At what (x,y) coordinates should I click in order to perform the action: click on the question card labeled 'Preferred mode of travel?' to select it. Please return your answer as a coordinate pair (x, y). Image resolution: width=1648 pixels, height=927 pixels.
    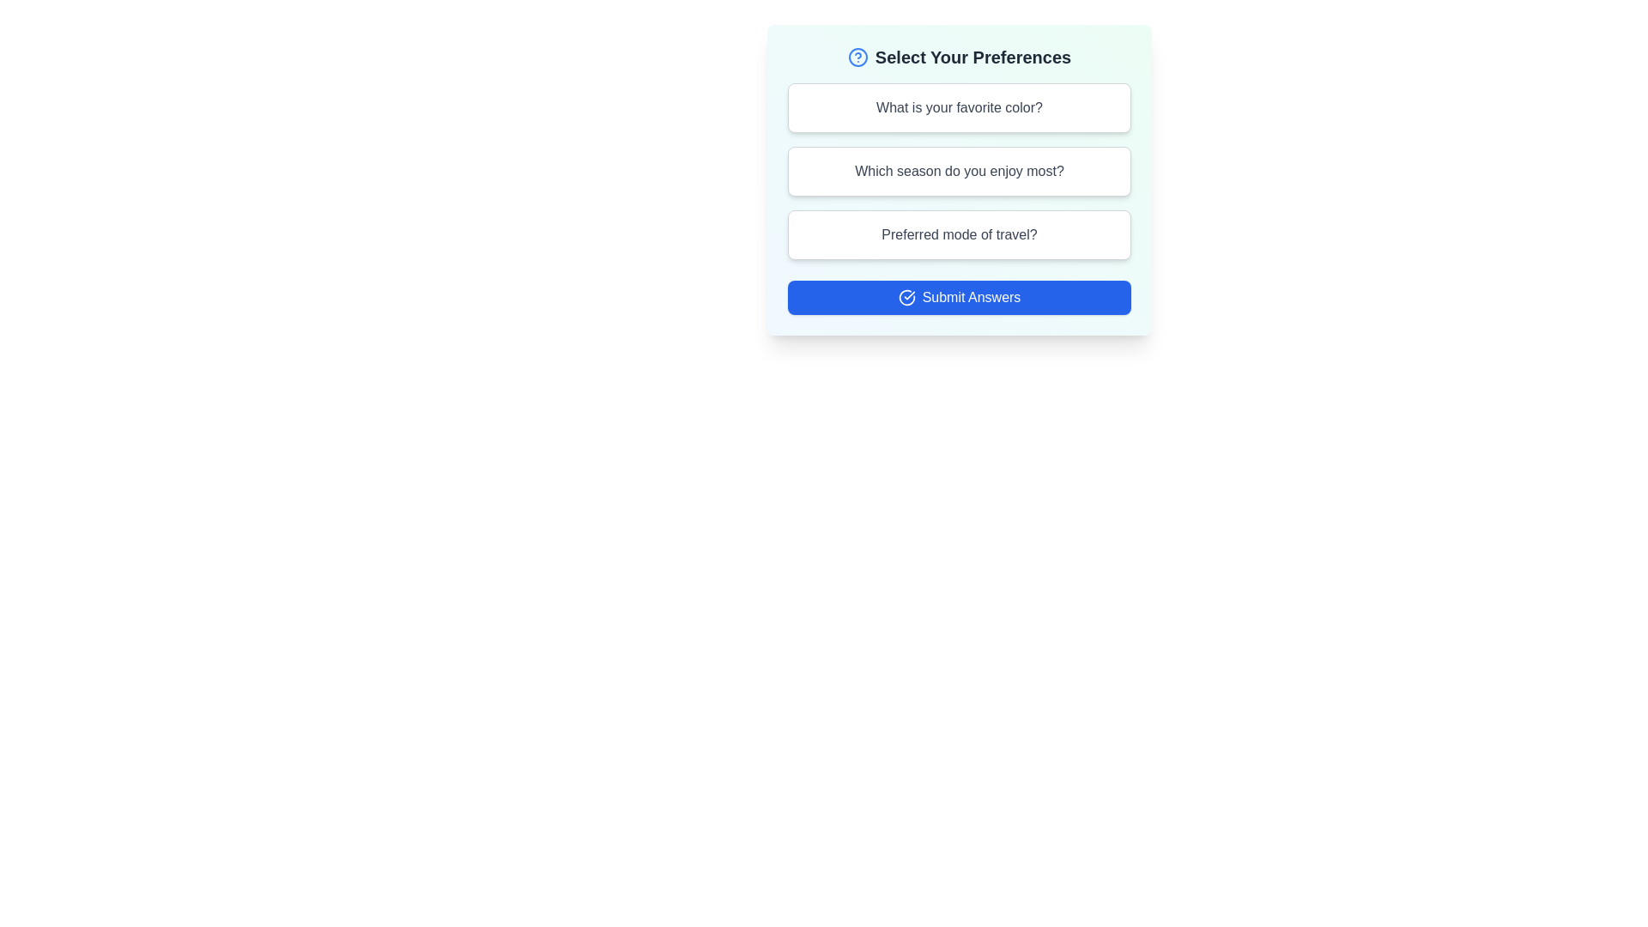
    Looking at the image, I should click on (959, 234).